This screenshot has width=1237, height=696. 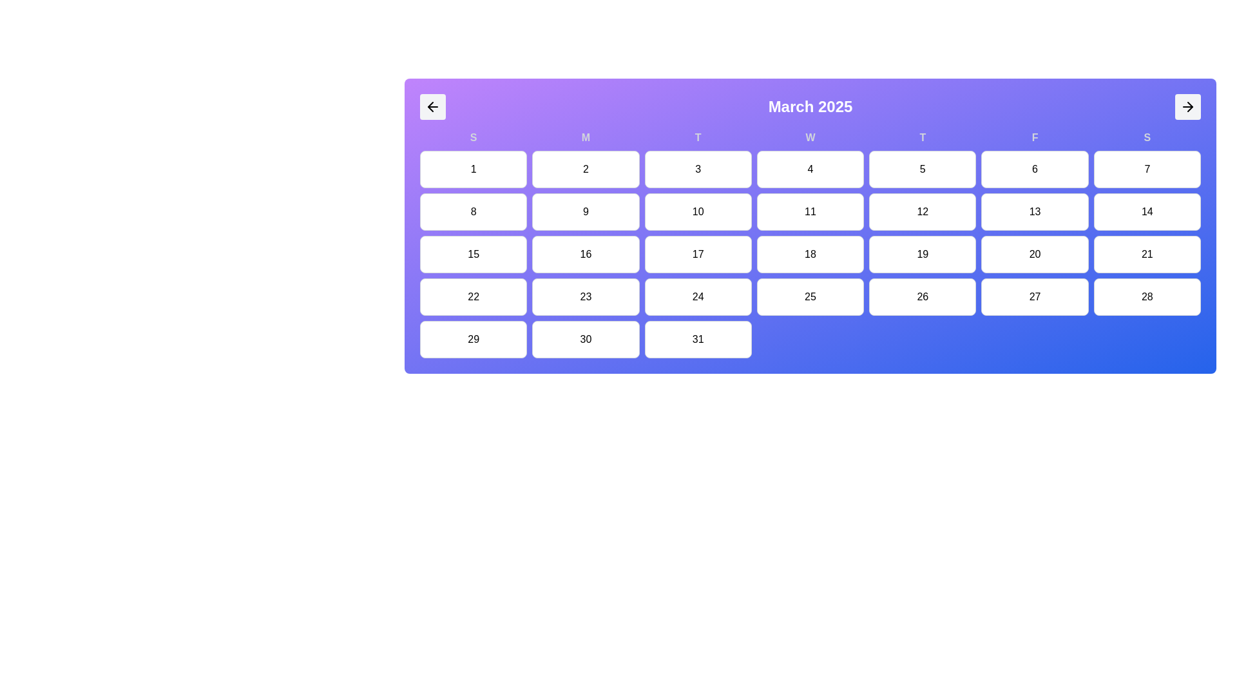 What do you see at coordinates (809, 254) in the screenshot?
I see `the Static Label or Calendar Date Tile that displays the number '18', located in the fourth column of the third row of the March 2025 calendar grid` at bounding box center [809, 254].